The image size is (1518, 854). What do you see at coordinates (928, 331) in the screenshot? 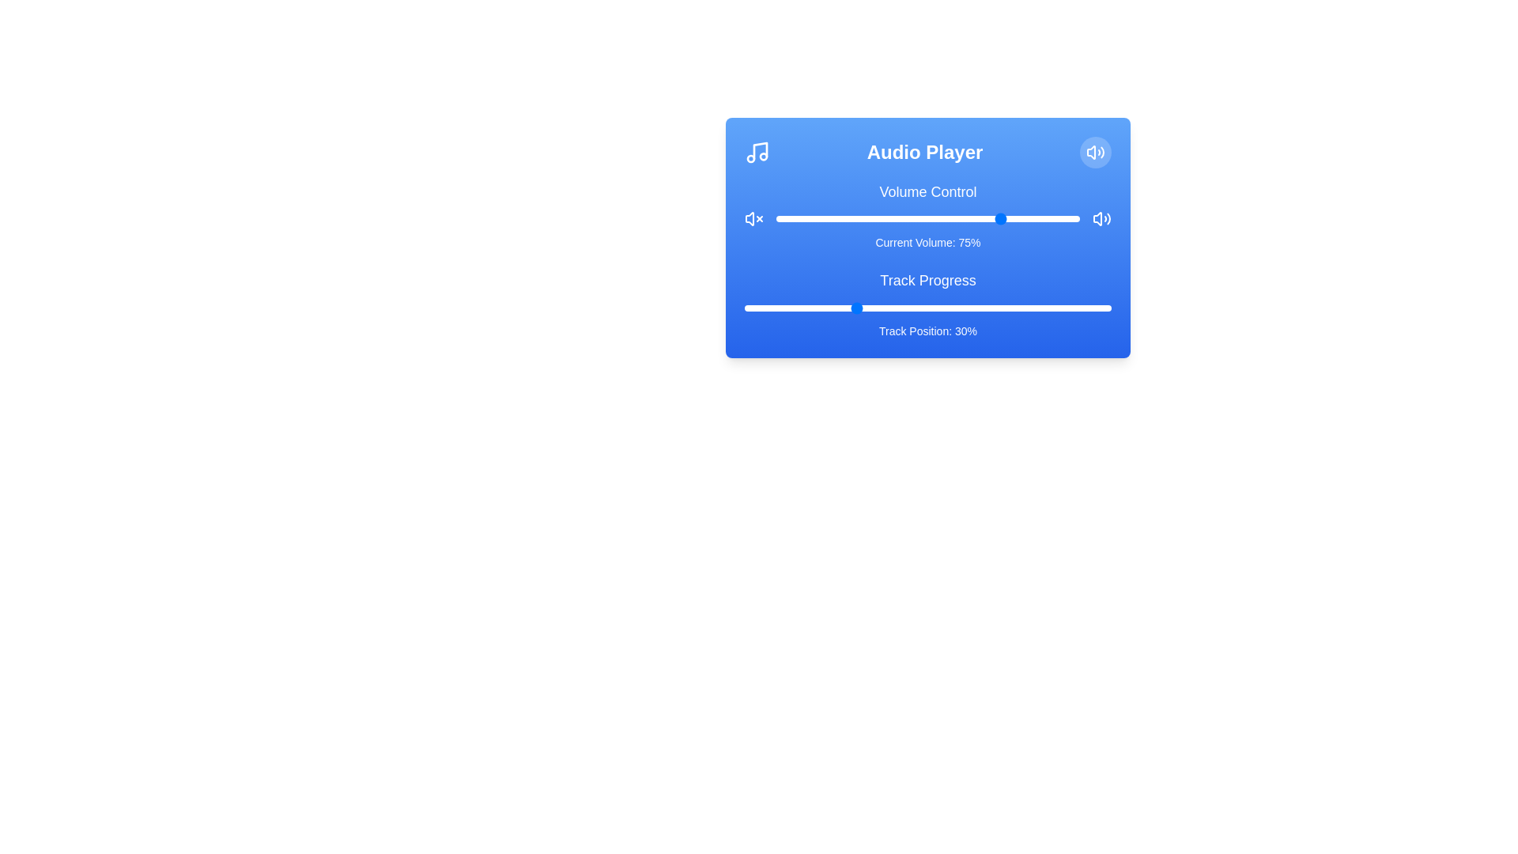
I see `the informational label that displays the current playback position of the audio track in percentage format, located at the bottom of the 'Track Progress' section in the 'Audio Player' interface` at bounding box center [928, 331].